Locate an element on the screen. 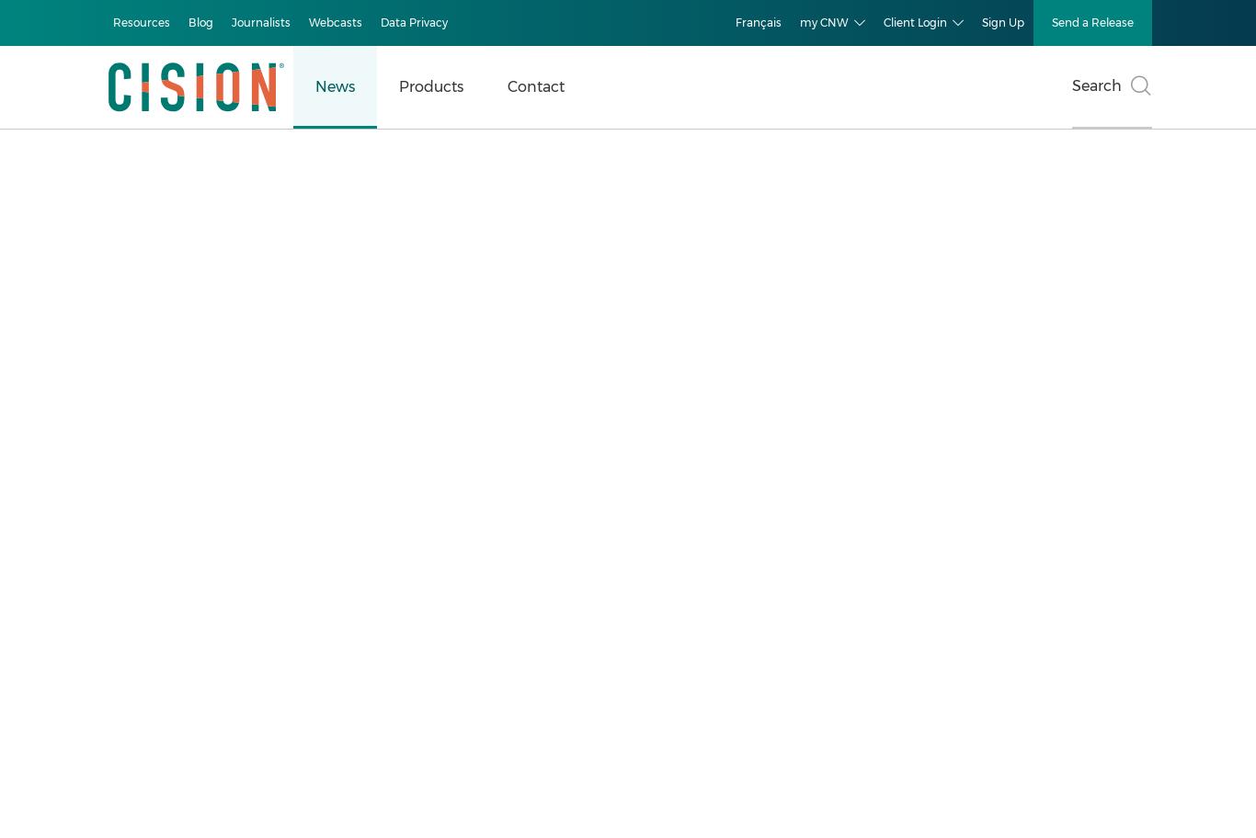  'Heavy Industry & Manufacturing' is located at coordinates (174, 580).